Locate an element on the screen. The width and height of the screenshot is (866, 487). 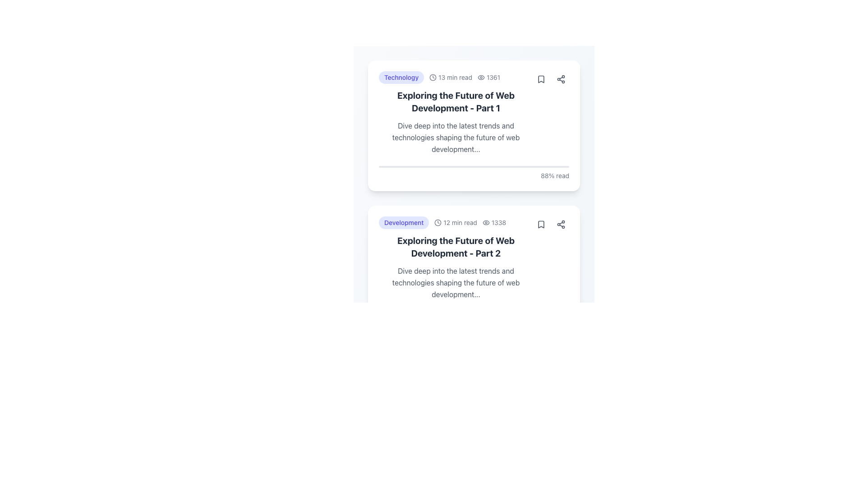
the bookmark icon located in the top-right corner of the first card is located at coordinates (541, 79).